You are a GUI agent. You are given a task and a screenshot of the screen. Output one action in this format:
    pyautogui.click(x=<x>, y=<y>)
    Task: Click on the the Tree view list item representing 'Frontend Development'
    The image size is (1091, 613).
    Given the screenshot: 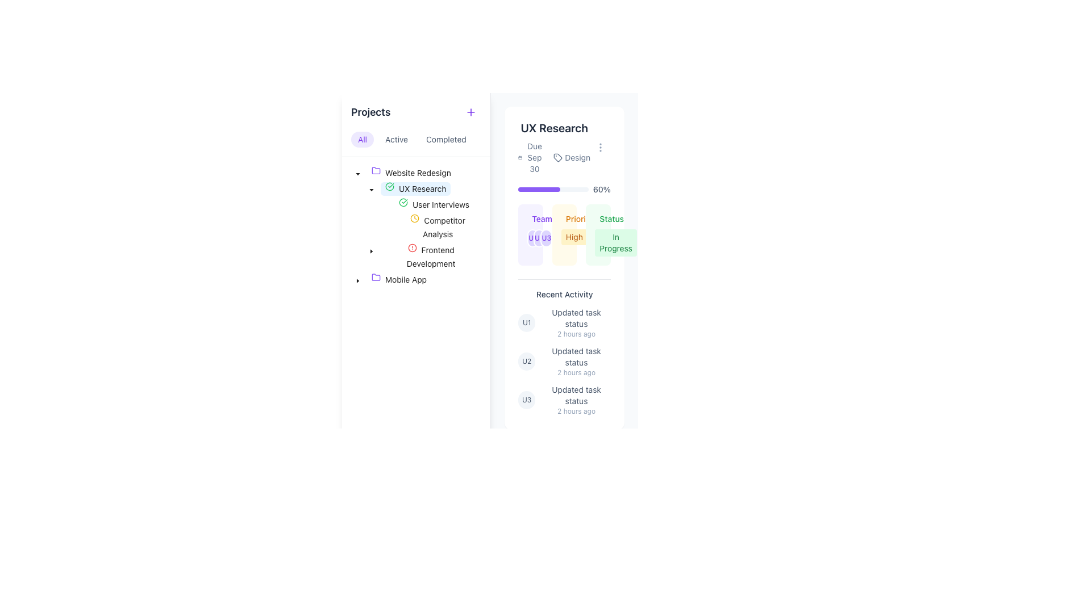 What is the action you would take?
    pyautogui.click(x=415, y=257)
    